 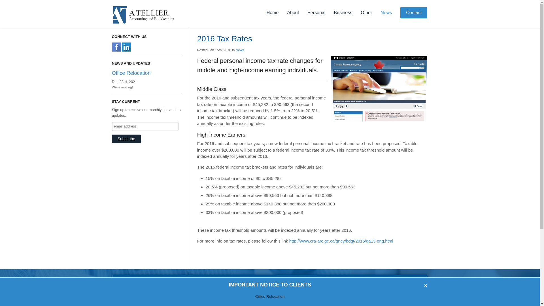 I want to click on 'Office Relocation', so click(x=270, y=296).